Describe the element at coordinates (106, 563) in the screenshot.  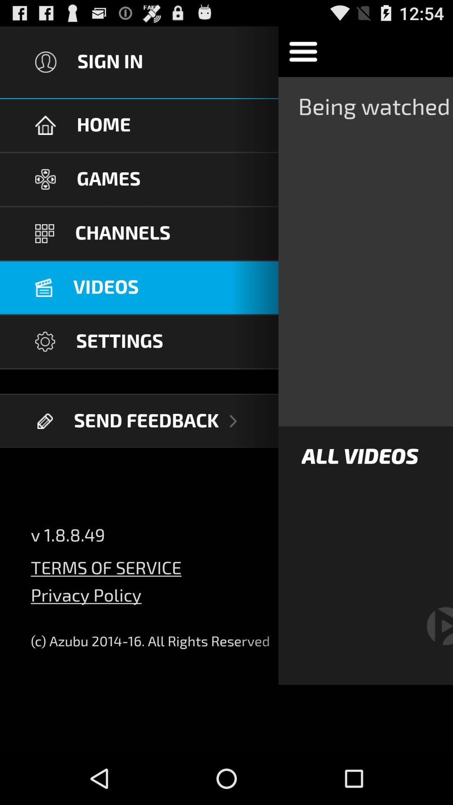
I see `icon above the privacy policy icon` at that location.